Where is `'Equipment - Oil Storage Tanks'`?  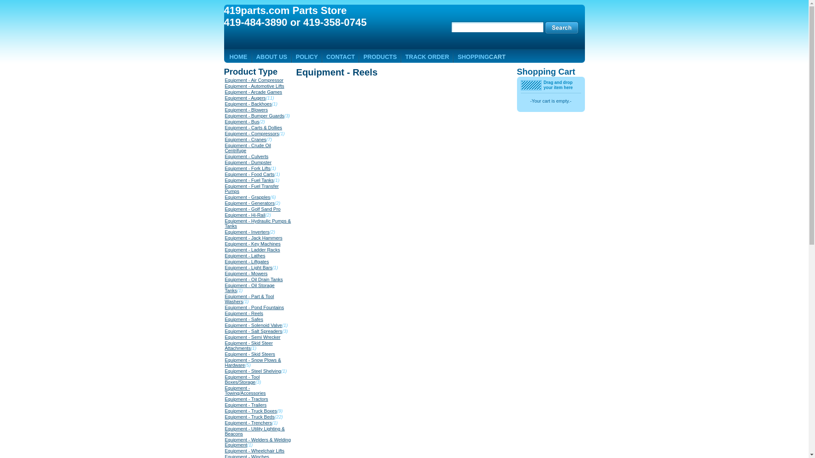
'Equipment - Oil Storage Tanks' is located at coordinates (249, 287).